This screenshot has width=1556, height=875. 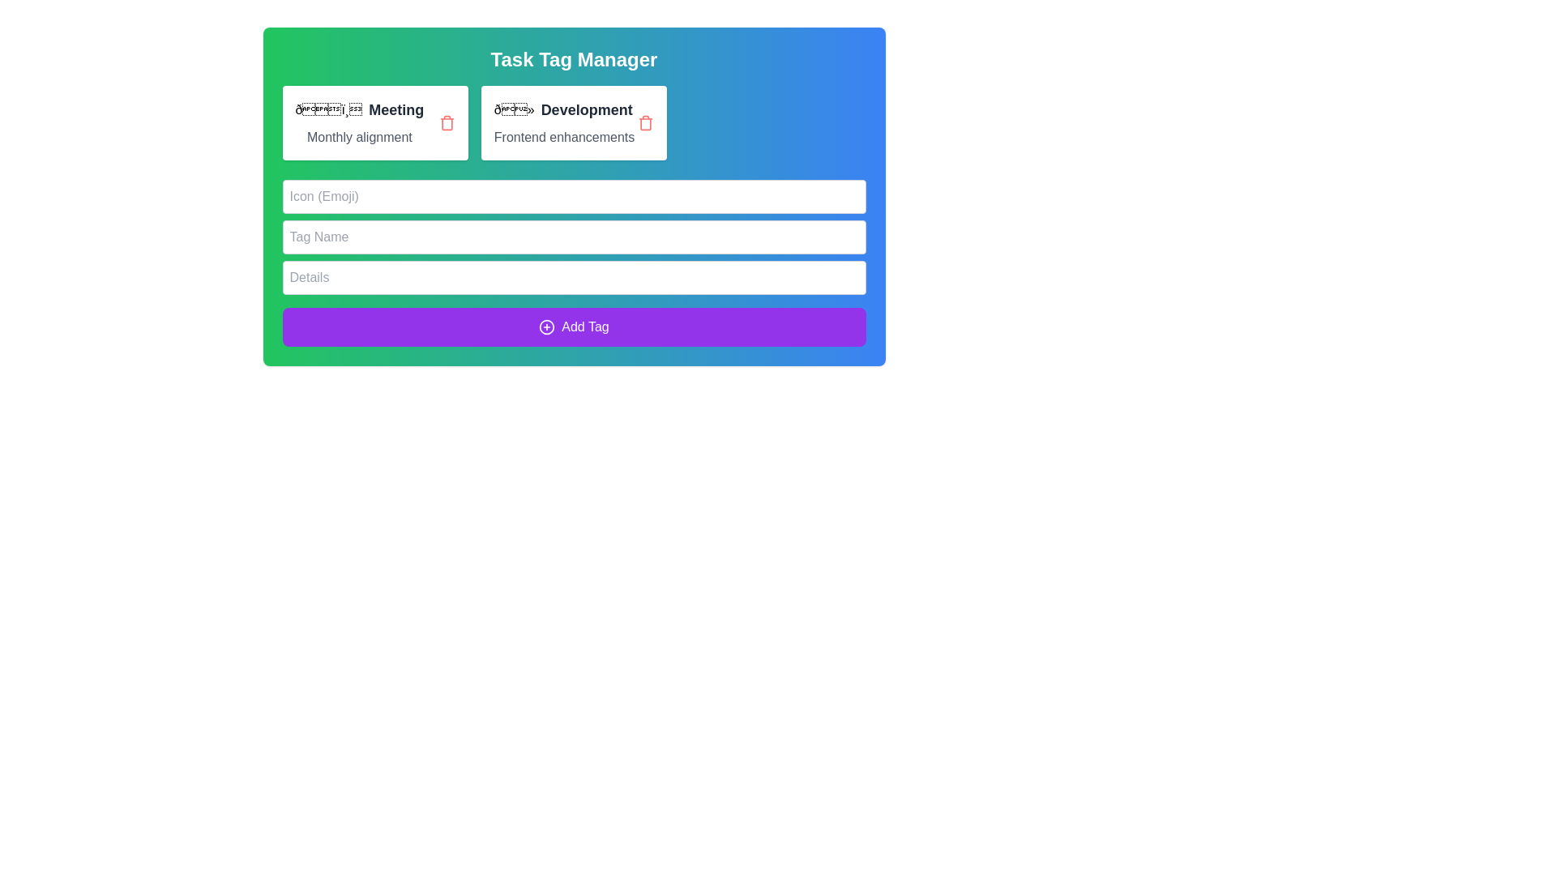 What do you see at coordinates (574, 327) in the screenshot?
I see `the button located at the bottom of the form, which allows users` at bounding box center [574, 327].